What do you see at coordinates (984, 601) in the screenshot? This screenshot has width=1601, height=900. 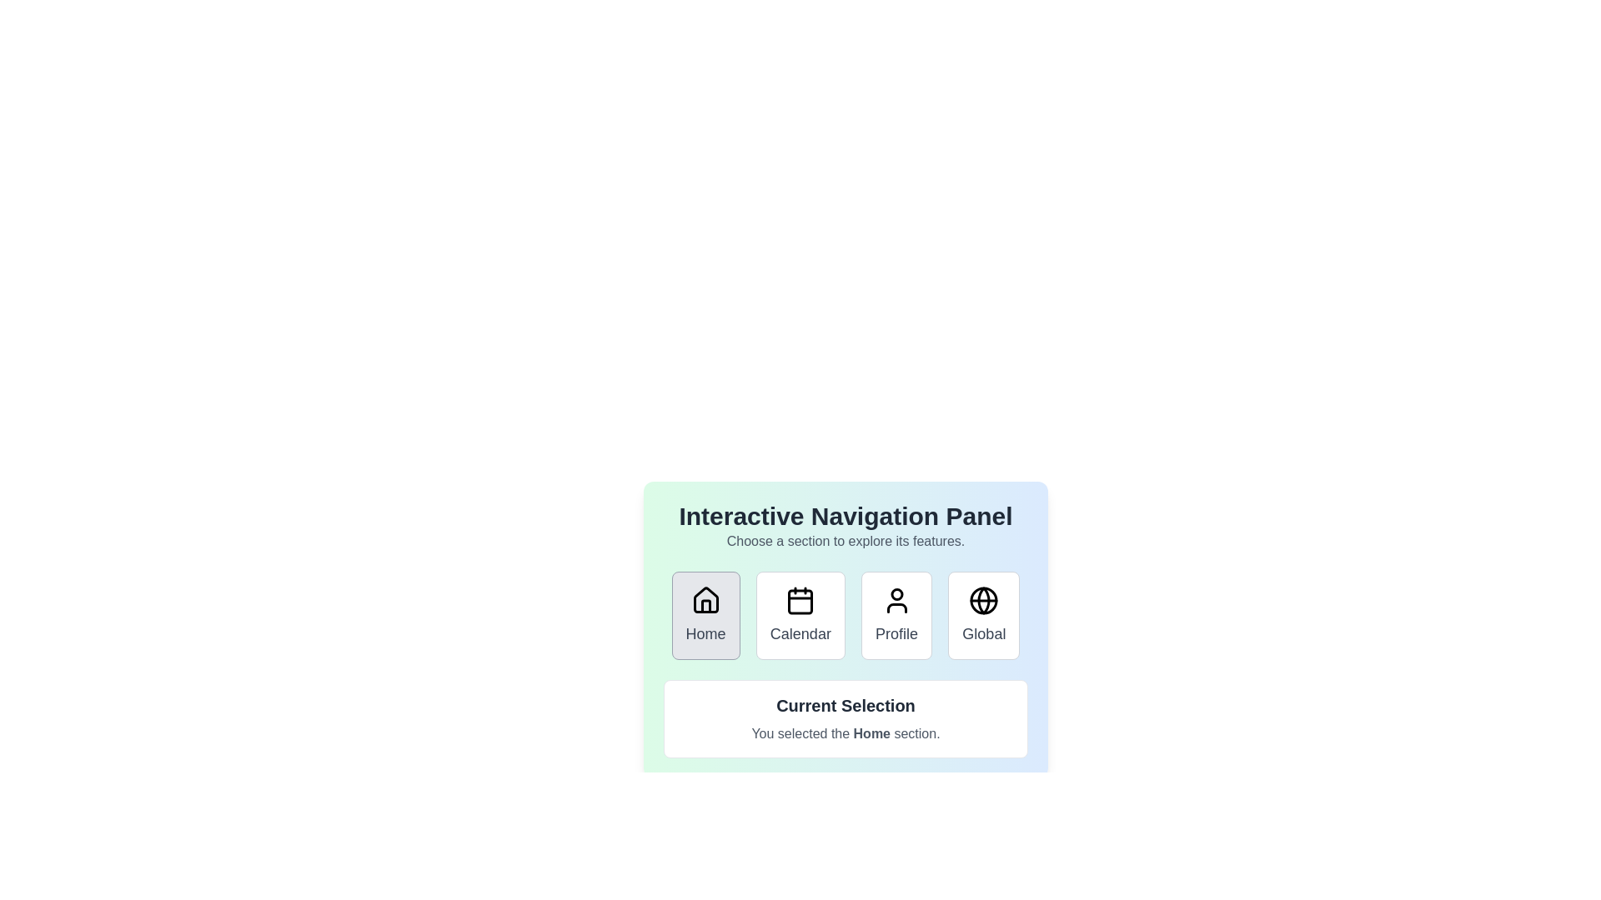 I see `the circular globe icon located in the 'Global' navigation button, which is the fourth option from the left in the bottom-right section of the navigation panel` at bounding box center [984, 601].